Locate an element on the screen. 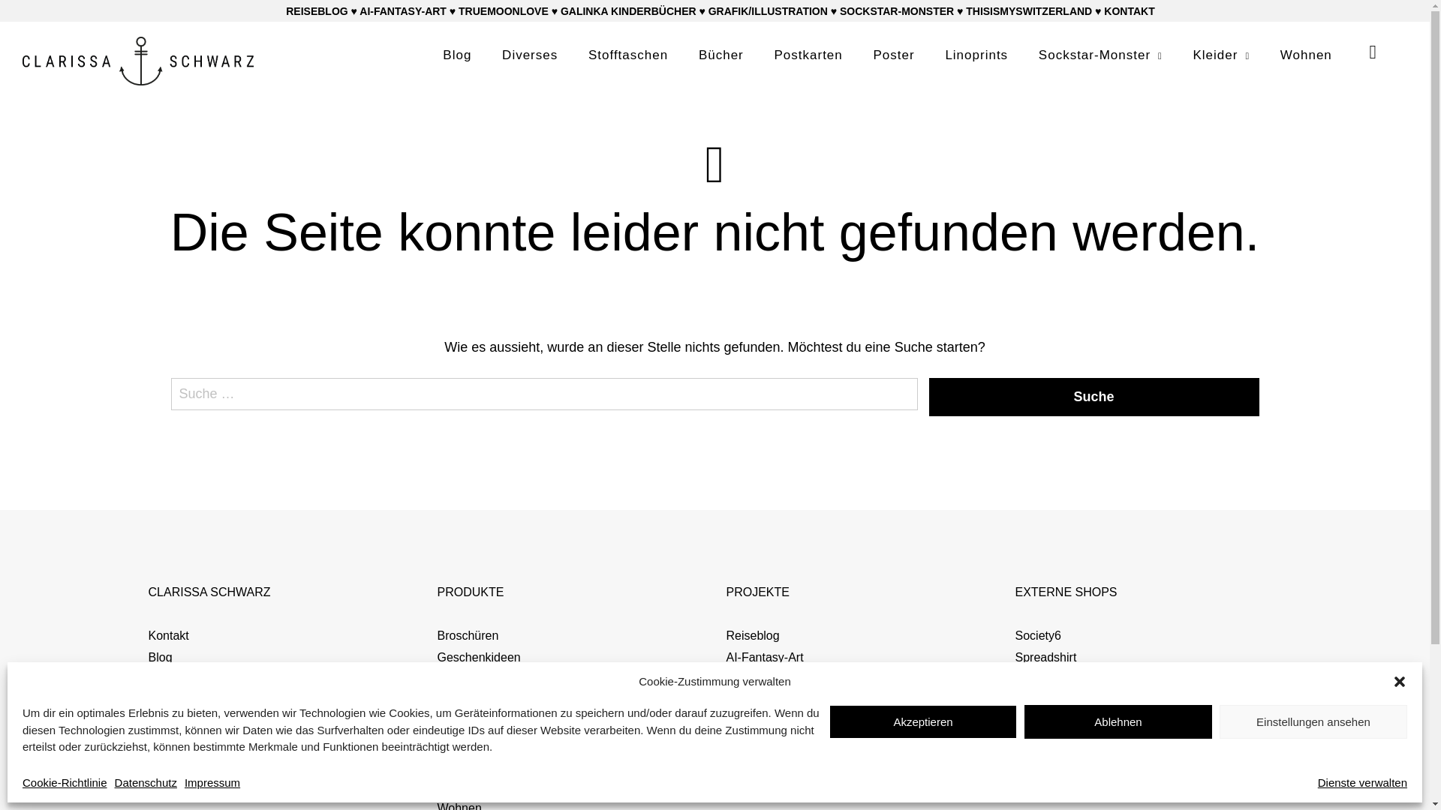  'GRAFIK/ILLUSTRATION' is located at coordinates (768, 11).